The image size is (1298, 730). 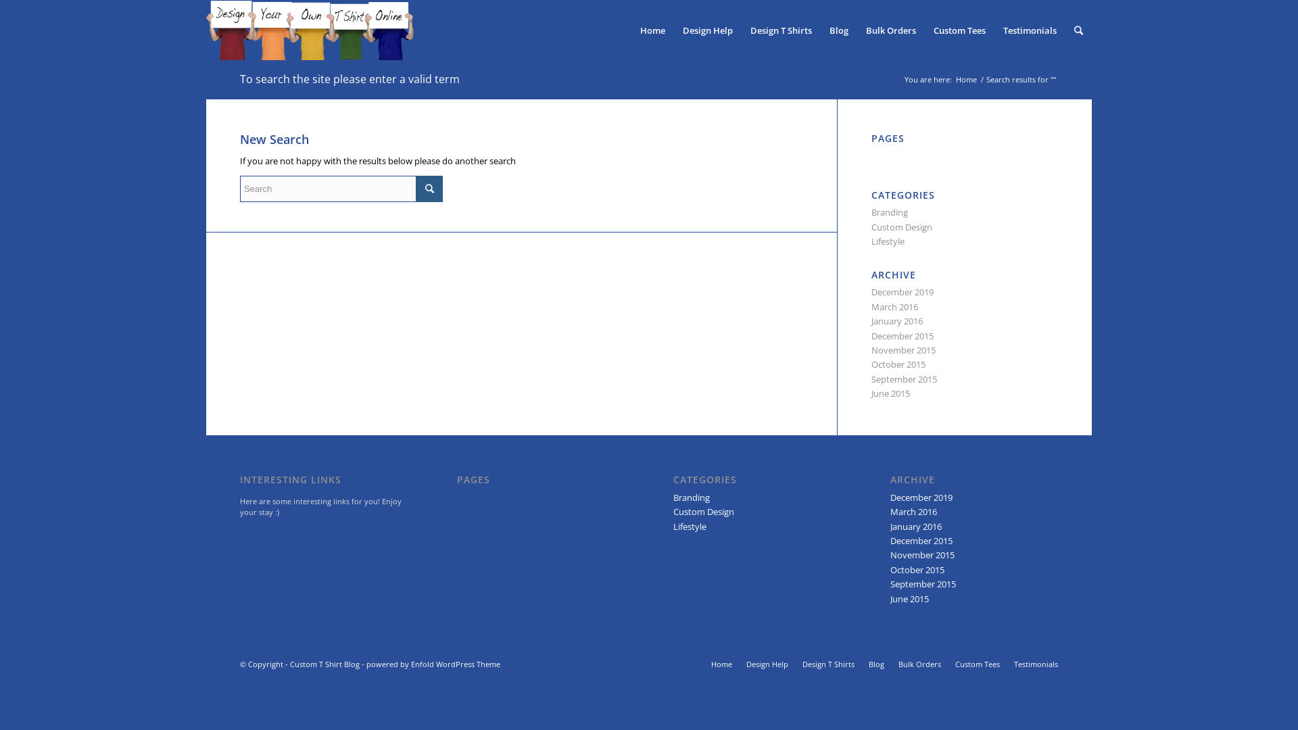 I want to click on 'December 2019', so click(x=921, y=497).